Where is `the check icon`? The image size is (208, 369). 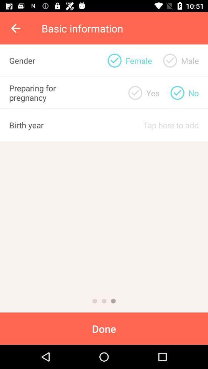
the check icon is located at coordinates (135, 92).